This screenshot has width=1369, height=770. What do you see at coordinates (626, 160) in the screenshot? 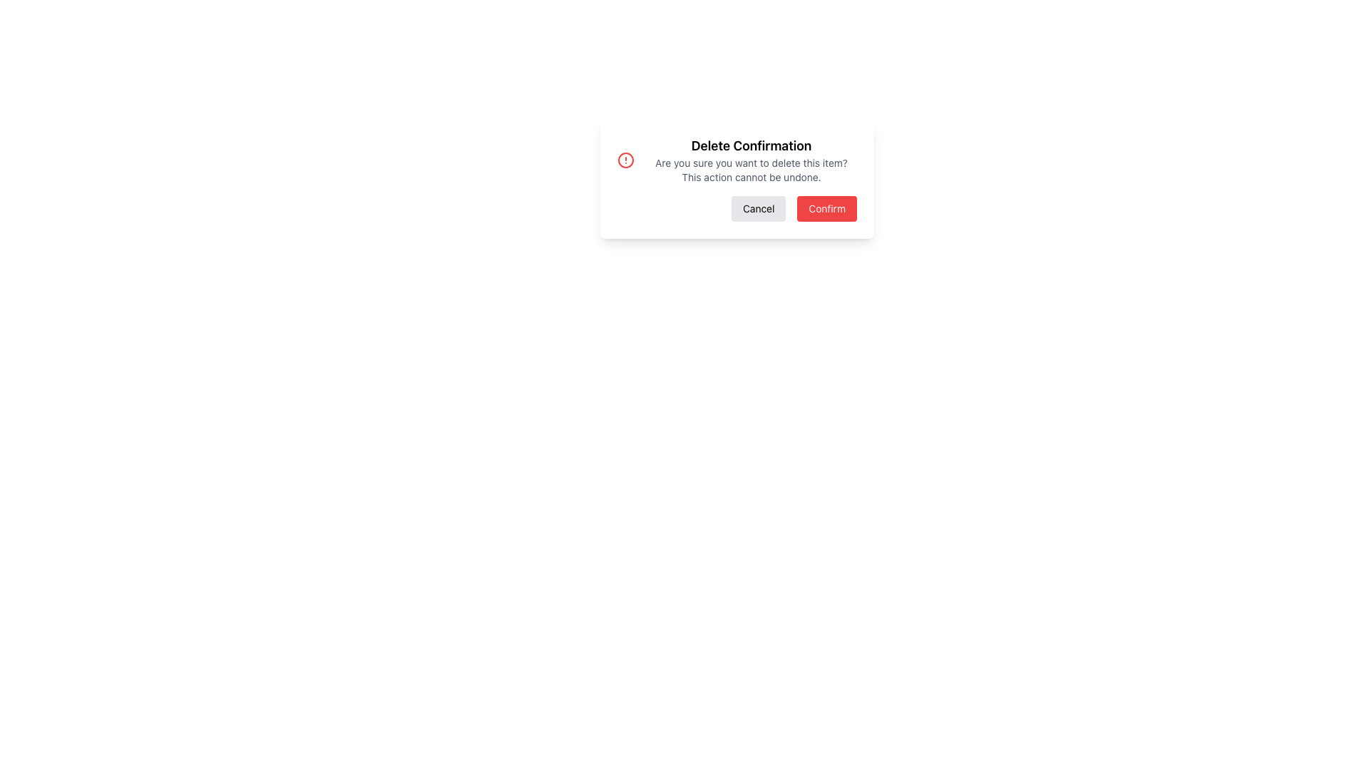
I see `the warning icon located at the top-left corner of the dialog box, adjacent to the 'Delete Confirmation' text` at bounding box center [626, 160].